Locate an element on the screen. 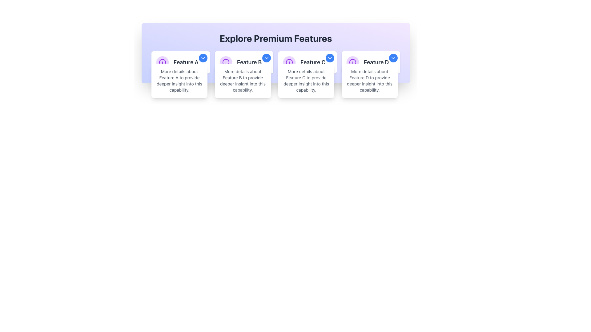  the static informational text box that displays the text 'More details about Feature C to provide deeper insight into this capability.' is located at coordinates (306, 80).